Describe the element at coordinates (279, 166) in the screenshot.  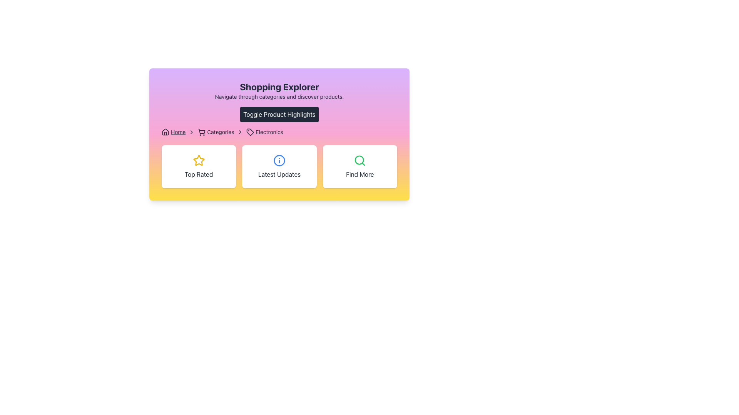
I see `the Grid with multiple buttons located in the lower part of the highlighted card` at that location.